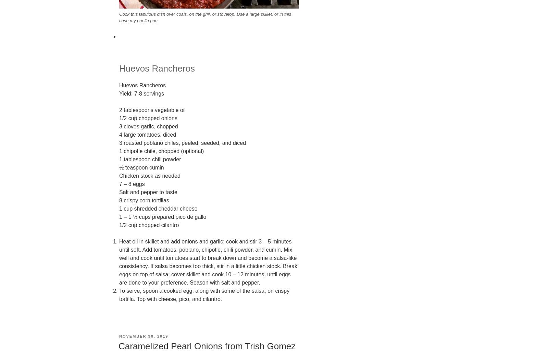 The width and height of the screenshot is (548, 352). Describe the element at coordinates (204, 294) in the screenshot. I see `'To serve, spoon a cooked egg, along with some of the salsa, on crispy tortilla. Top with cheese, pico, and cilantro.'` at that location.